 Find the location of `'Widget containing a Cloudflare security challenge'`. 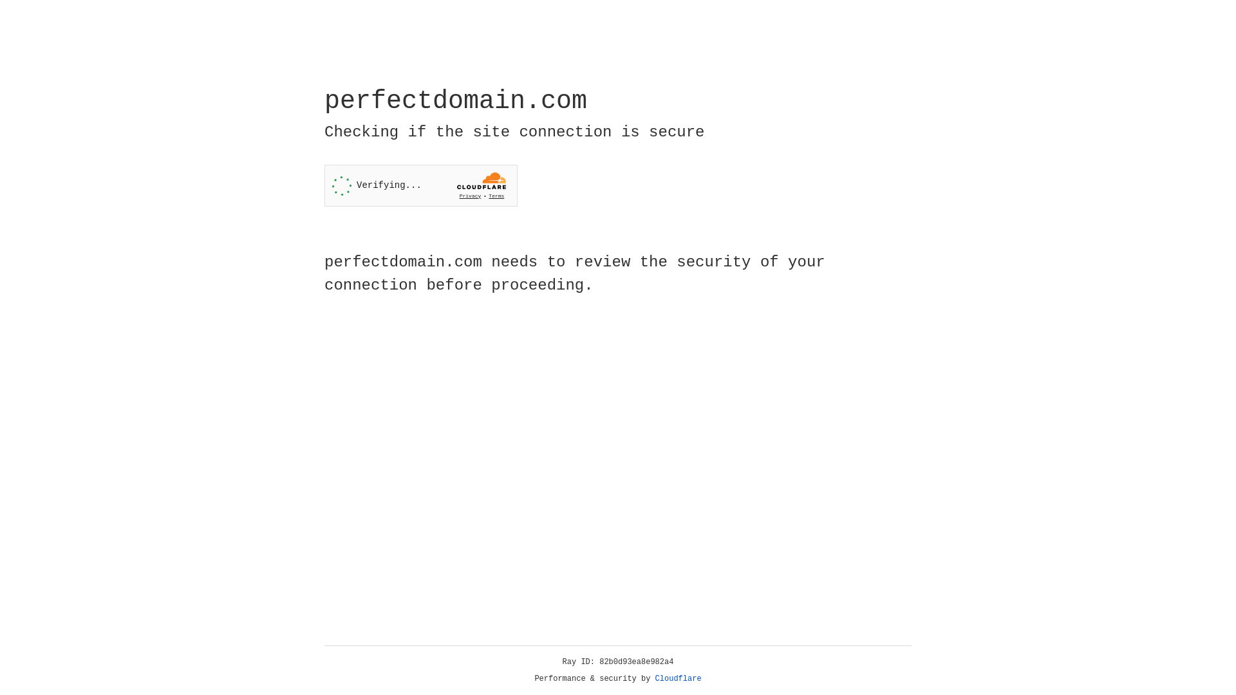

'Widget containing a Cloudflare security challenge' is located at coordinates (420, 185).